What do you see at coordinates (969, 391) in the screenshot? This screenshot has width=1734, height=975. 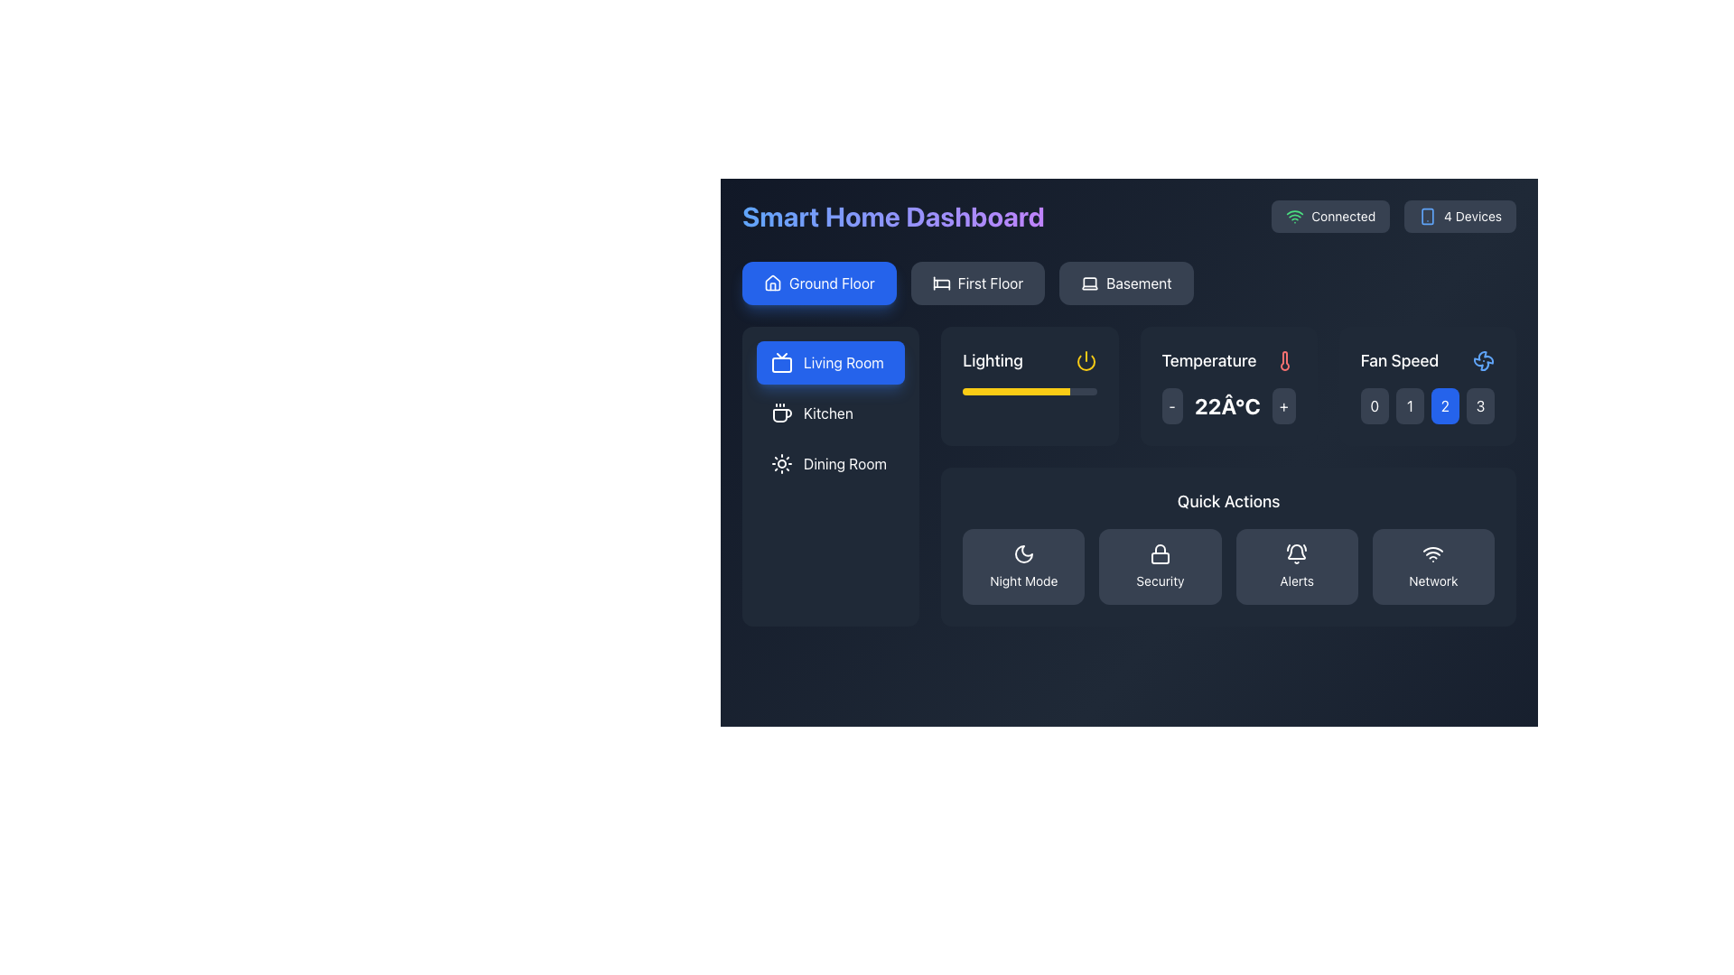 I see `slider` at bounding box center [969, 391].